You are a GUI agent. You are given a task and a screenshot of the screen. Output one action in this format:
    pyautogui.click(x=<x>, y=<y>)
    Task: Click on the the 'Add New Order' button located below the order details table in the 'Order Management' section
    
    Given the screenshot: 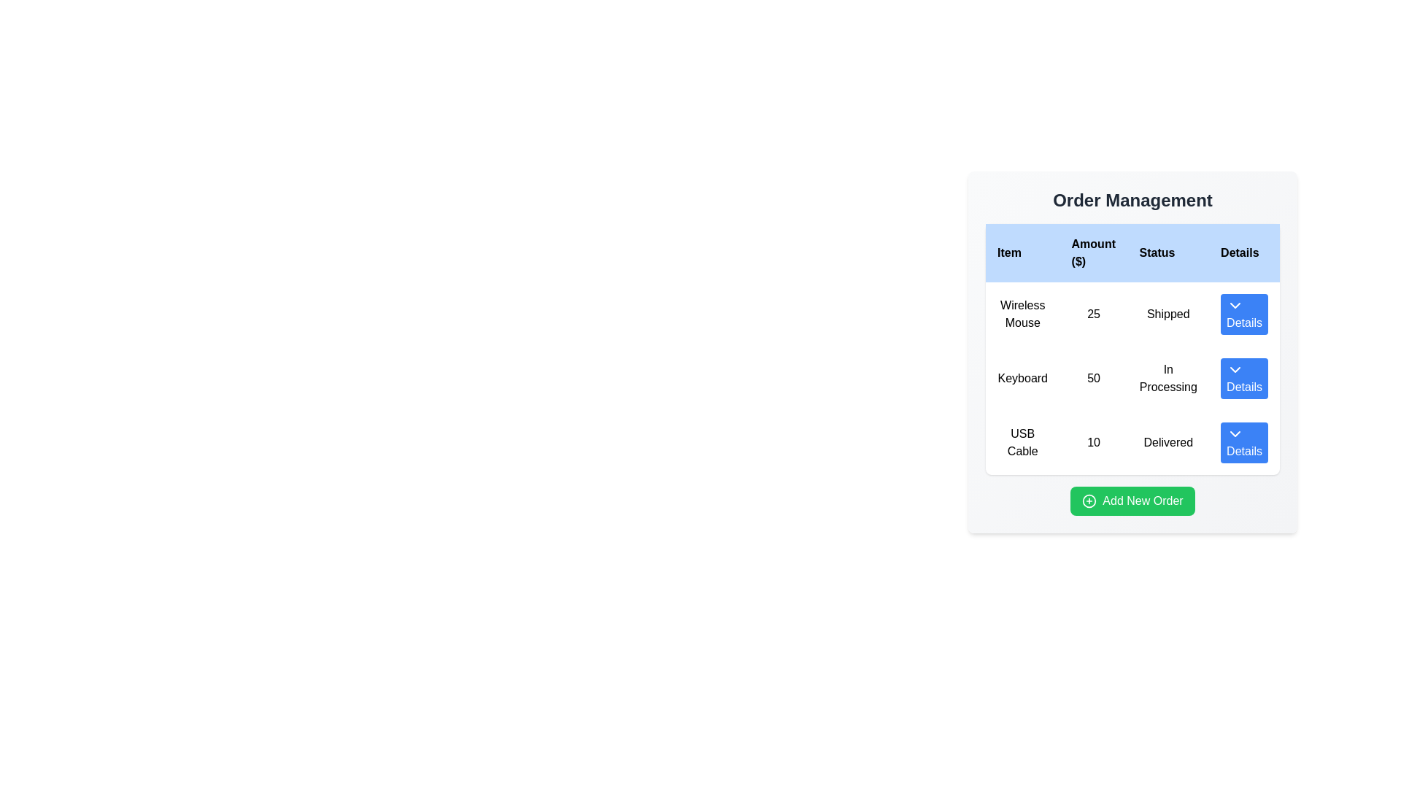 What is the action you would take?
    pyautogui.click(x=1132, y=500)
    